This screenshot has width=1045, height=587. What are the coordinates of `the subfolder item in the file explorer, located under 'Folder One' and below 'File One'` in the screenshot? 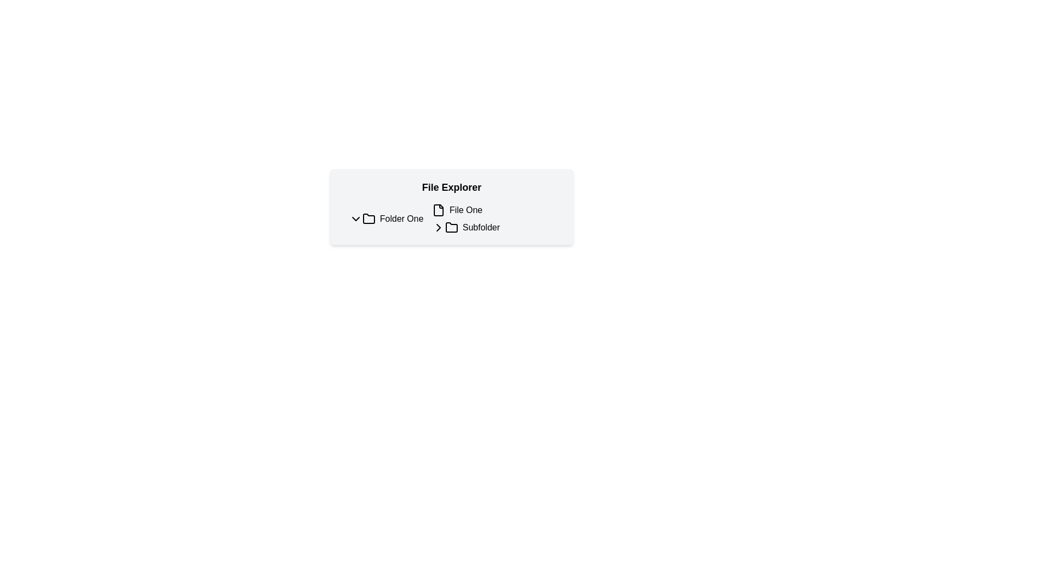 It's located at (462, 218).